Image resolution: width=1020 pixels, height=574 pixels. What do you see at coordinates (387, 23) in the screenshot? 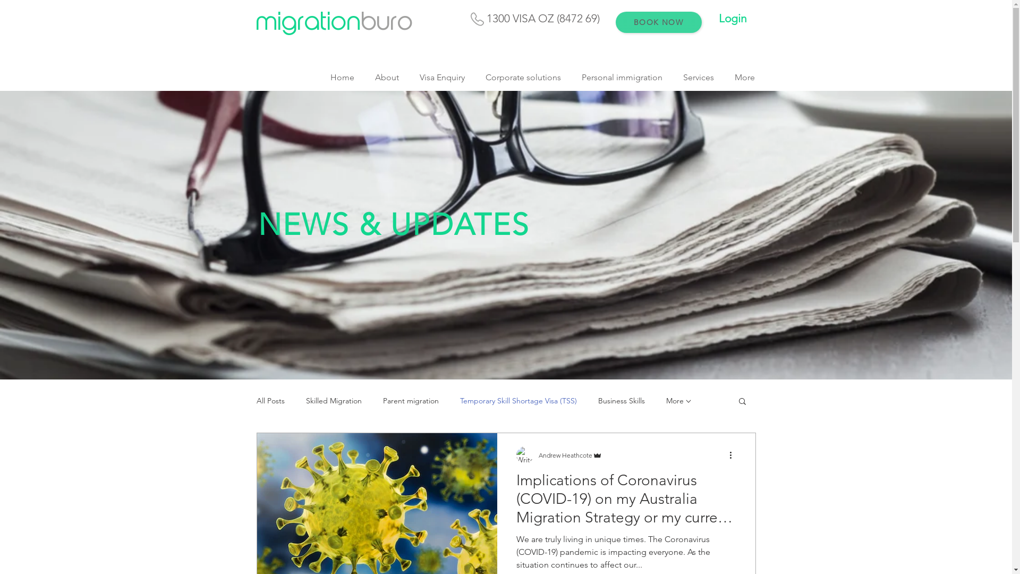
I see `'buro'` at bounding box center [387, 23].